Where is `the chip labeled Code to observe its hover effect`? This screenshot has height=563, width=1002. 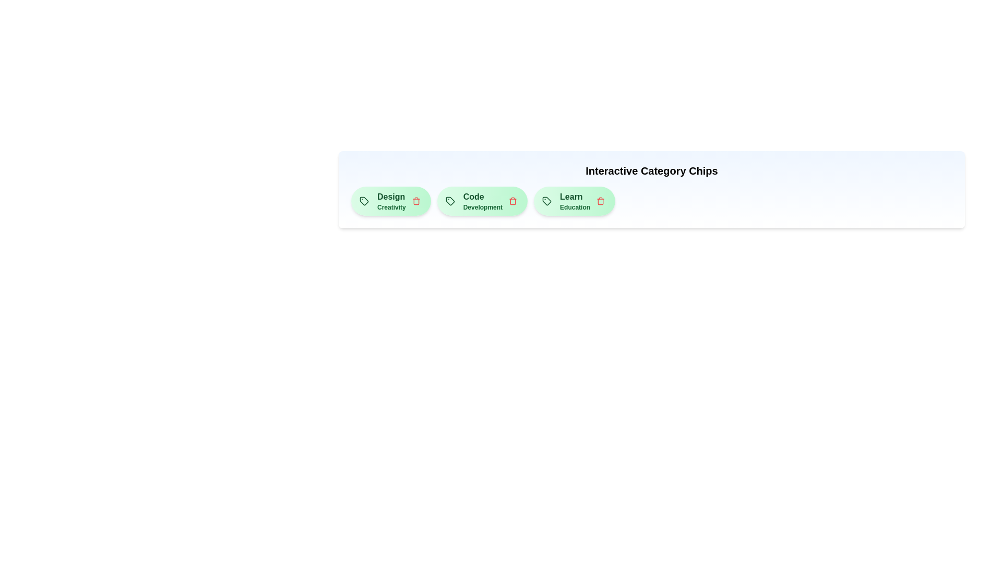 the chip labeled Code to observe its hover effect is located at coordinates (482, 201).